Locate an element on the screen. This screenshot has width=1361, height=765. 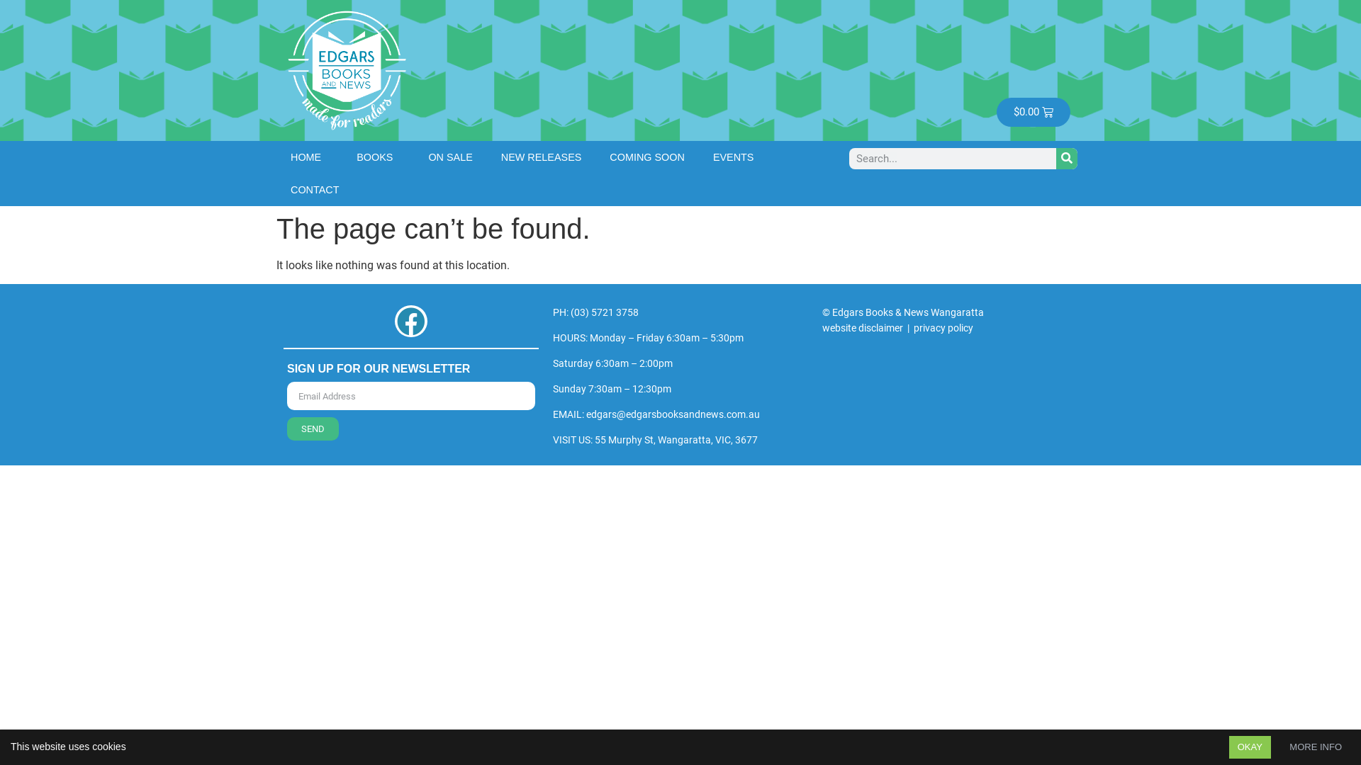
'$0.00' is located at coordinates (1034, 111).